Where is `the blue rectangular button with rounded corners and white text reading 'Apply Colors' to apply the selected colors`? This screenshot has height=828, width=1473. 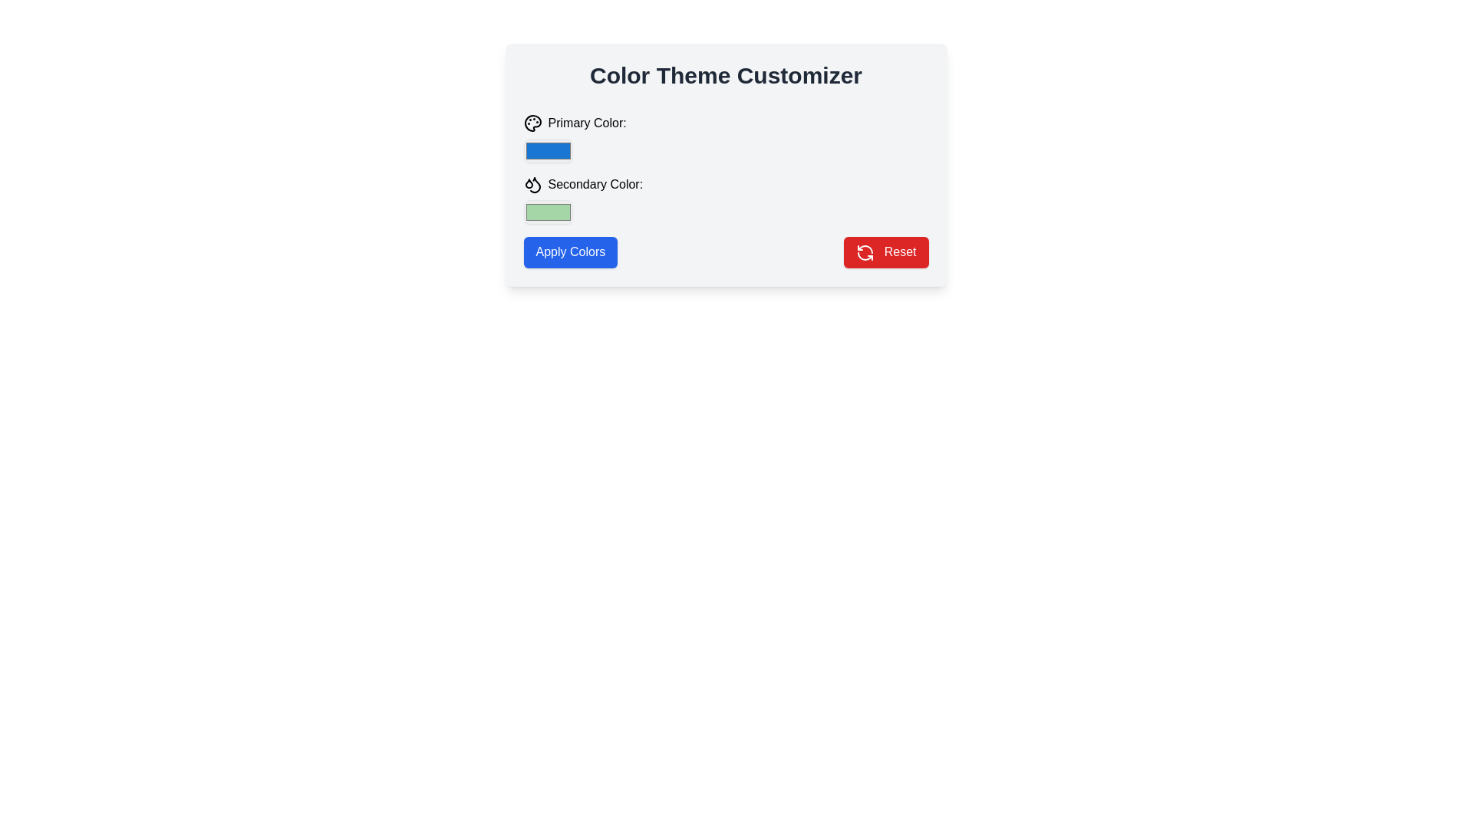
the blue rectangular button with rounded corners and white text reading 'Apply Colors' to apply the selected colors is located at coordinates (569, 251).